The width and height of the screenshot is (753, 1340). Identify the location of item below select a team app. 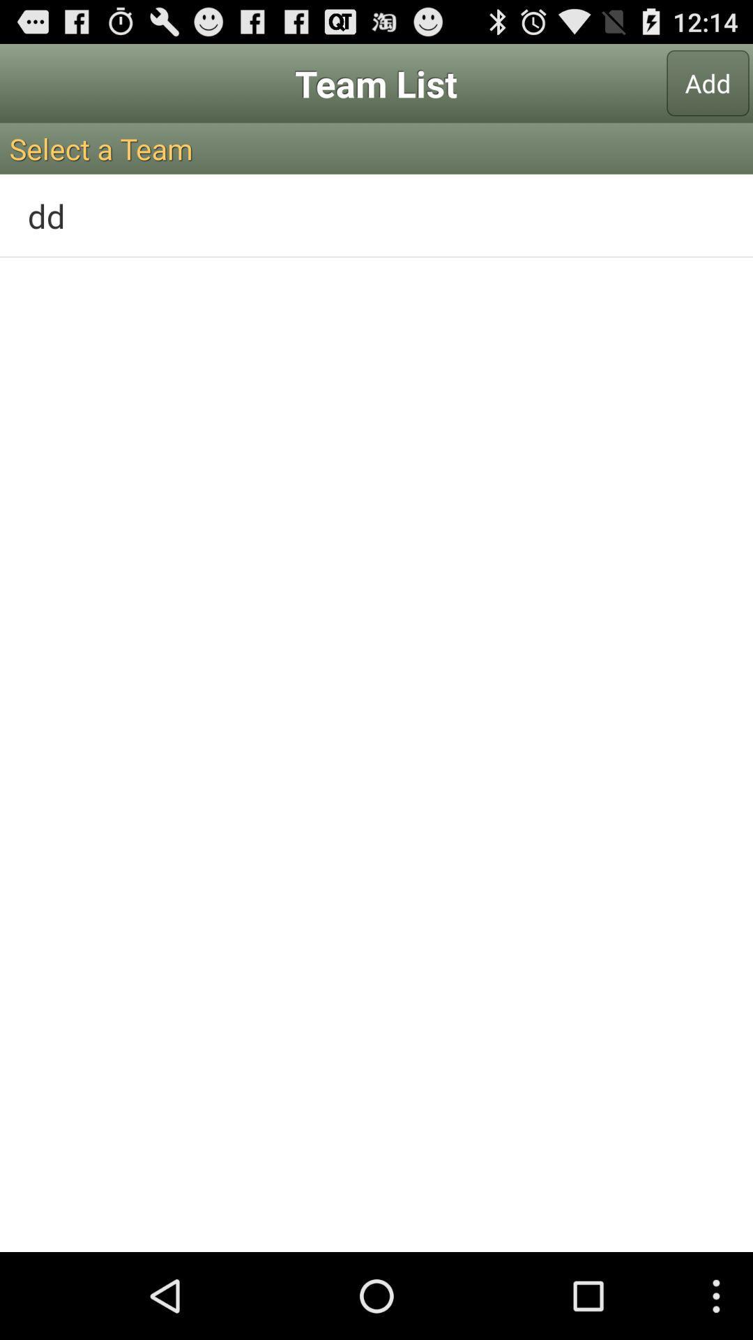
(376, 215).